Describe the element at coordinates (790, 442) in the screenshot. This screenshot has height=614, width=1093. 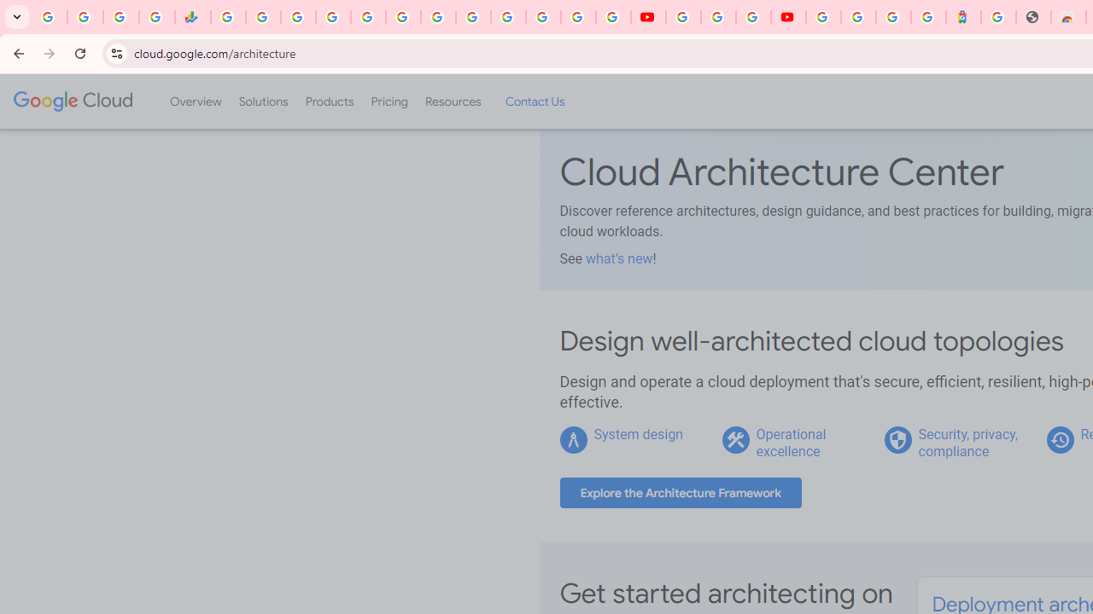
I see `'Operational excellence'` at that location.